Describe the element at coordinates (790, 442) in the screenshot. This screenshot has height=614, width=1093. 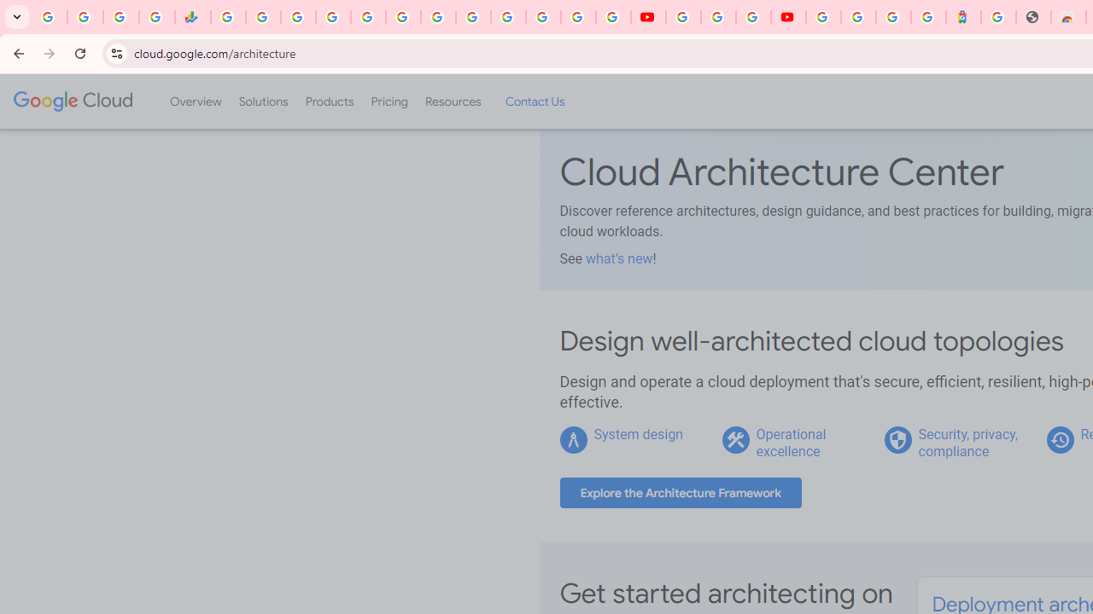
I see `'Operational excellence'` at that location.